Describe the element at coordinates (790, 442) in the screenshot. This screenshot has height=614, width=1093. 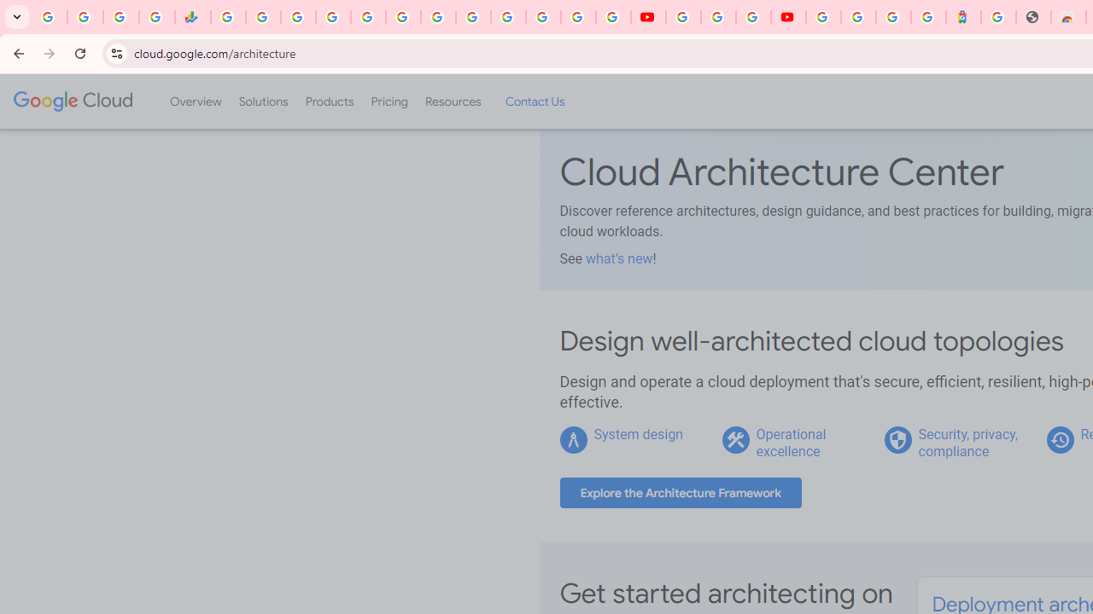
I see `'Operational excellence'` at that location.